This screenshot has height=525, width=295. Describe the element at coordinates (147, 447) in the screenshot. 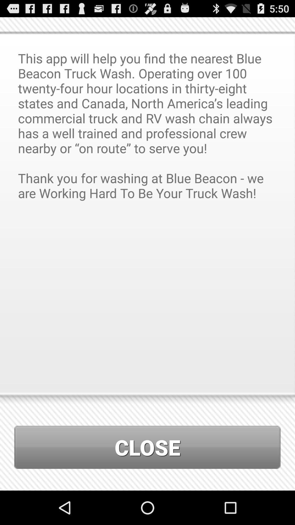

I see `the item at the bottom` at that location.